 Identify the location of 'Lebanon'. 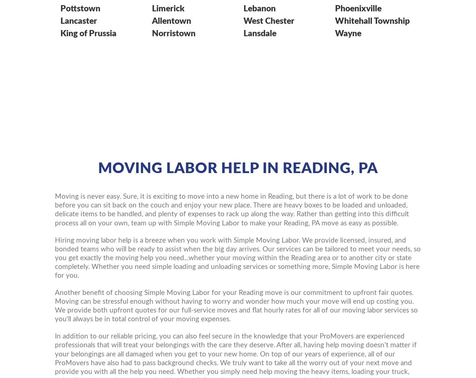
(260, 8).